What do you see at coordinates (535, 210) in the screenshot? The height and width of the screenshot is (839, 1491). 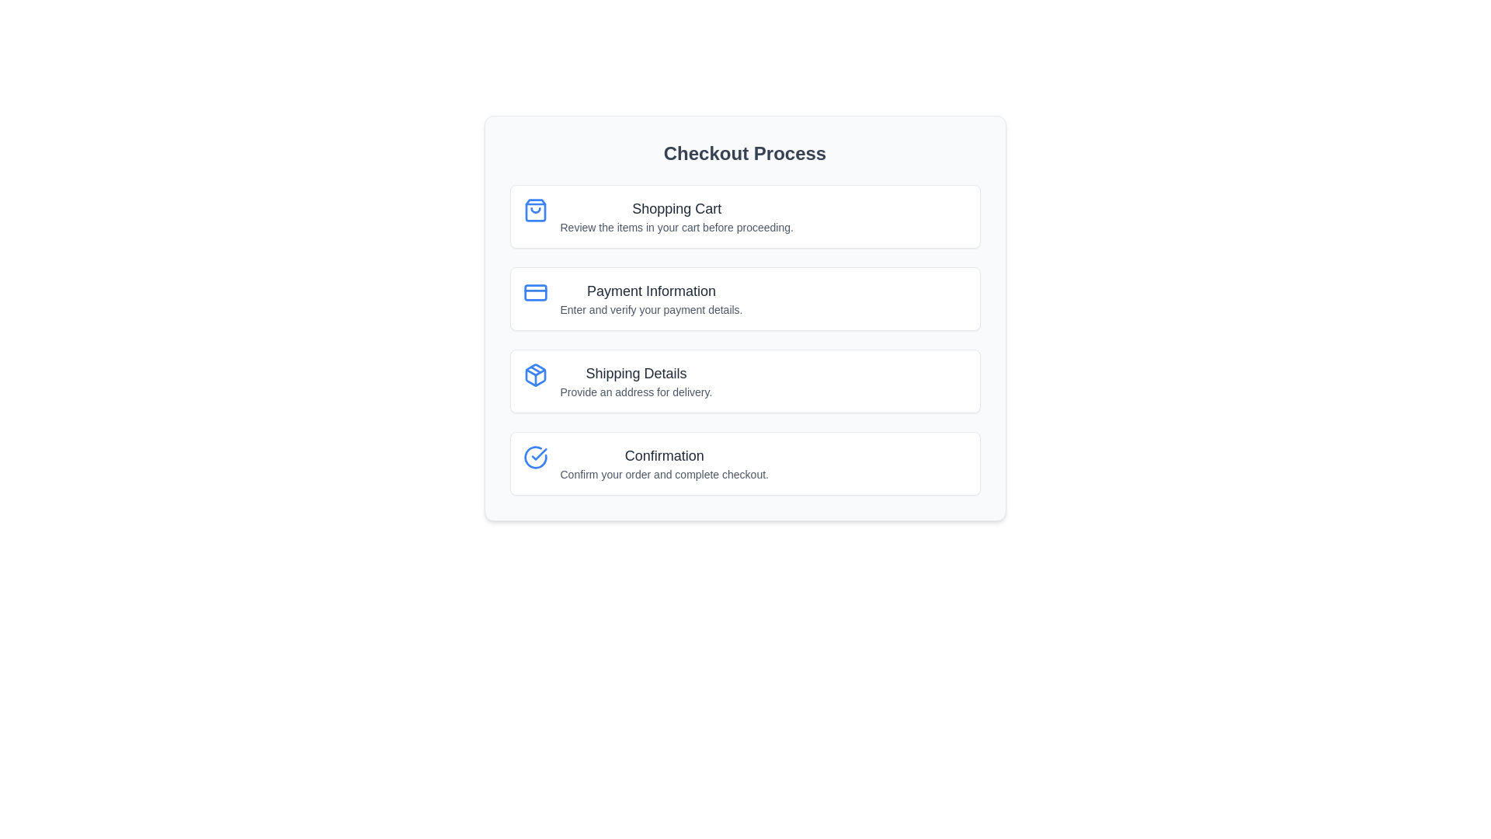 I see `the 'Shopping Cart' icon located in the top-left portion of the 'Shopping Cart' section` at bounding box center [535, 210].